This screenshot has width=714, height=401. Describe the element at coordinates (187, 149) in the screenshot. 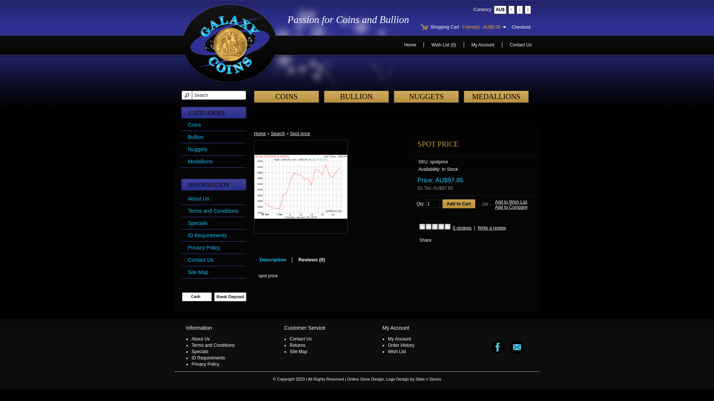

I see `'Nuggets'` at that location.